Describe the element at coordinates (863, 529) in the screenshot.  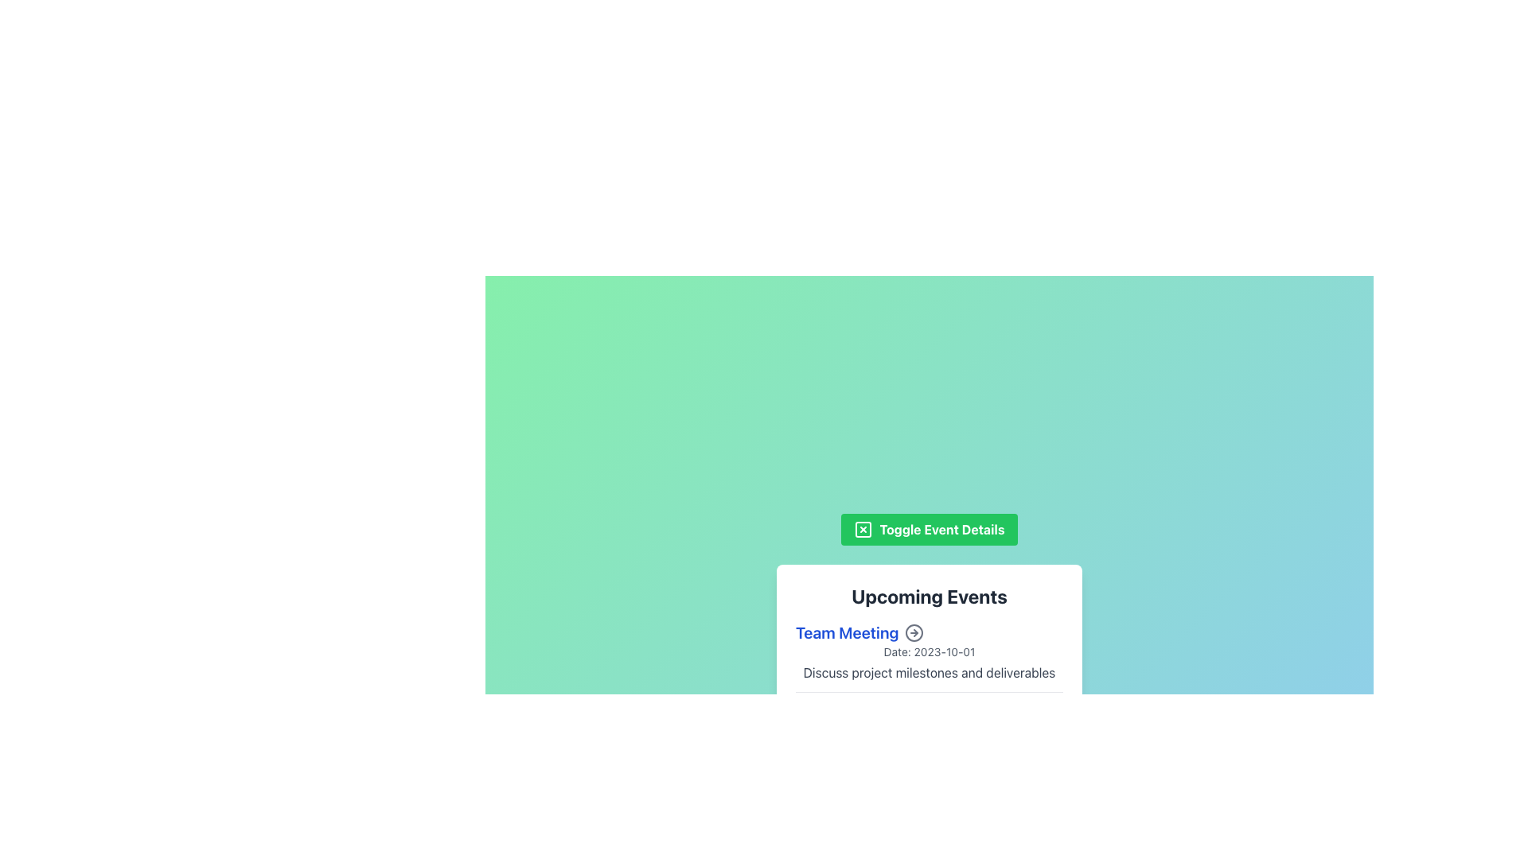
I see `the cancel icon located at the leftmost position within the green button labeled 'Toggle Event Details'` at that location.